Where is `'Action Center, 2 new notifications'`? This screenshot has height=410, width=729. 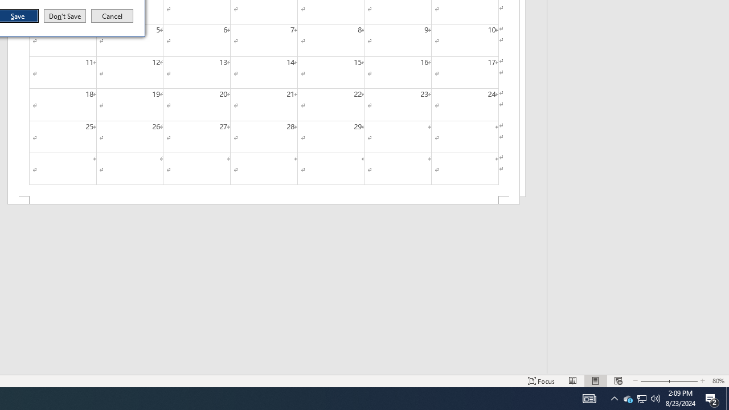
'Action Center, 2 new notifications' is located at coordinates (712, 397).